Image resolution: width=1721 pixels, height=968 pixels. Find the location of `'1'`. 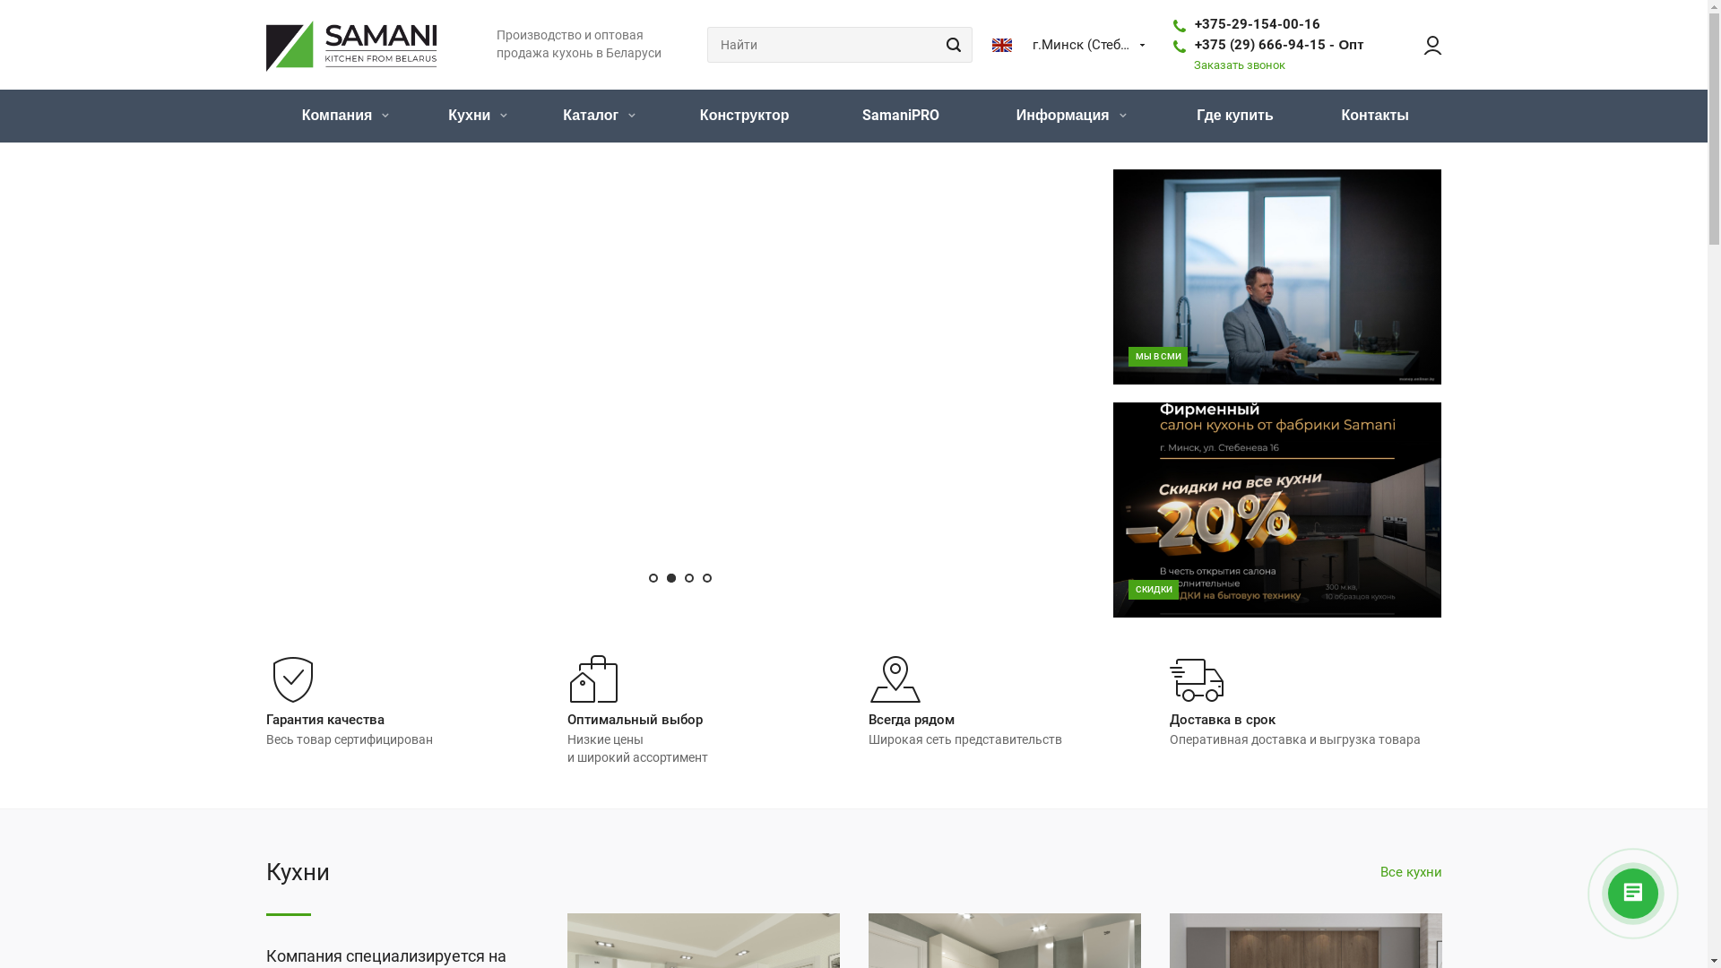

'1' is located at coordinates (653, 577).